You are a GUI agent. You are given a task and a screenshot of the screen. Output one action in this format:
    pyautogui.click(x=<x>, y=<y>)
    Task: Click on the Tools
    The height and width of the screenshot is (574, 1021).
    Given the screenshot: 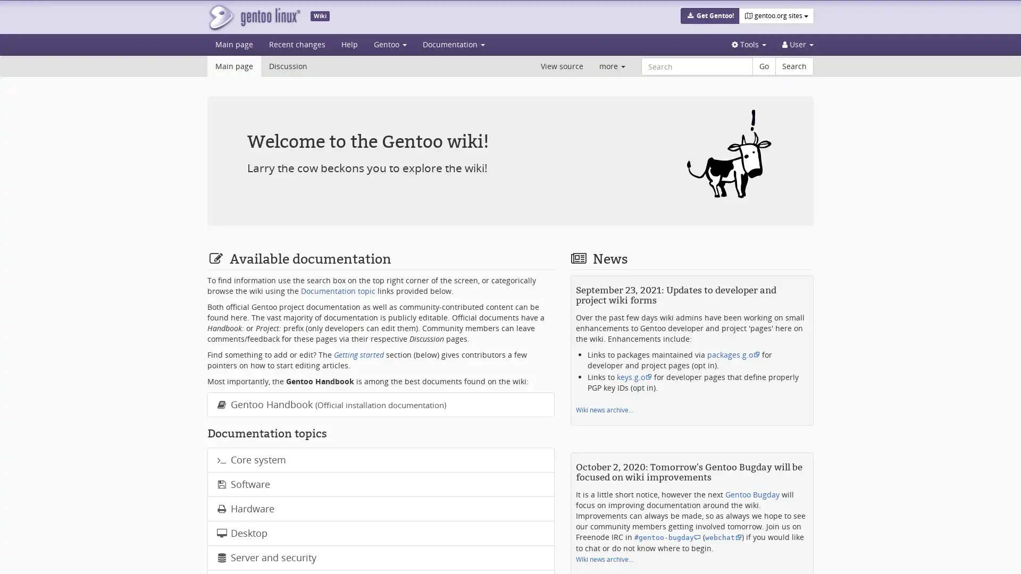 What is the action you would take?
    pyautogui.click(x=748, y=44)
    